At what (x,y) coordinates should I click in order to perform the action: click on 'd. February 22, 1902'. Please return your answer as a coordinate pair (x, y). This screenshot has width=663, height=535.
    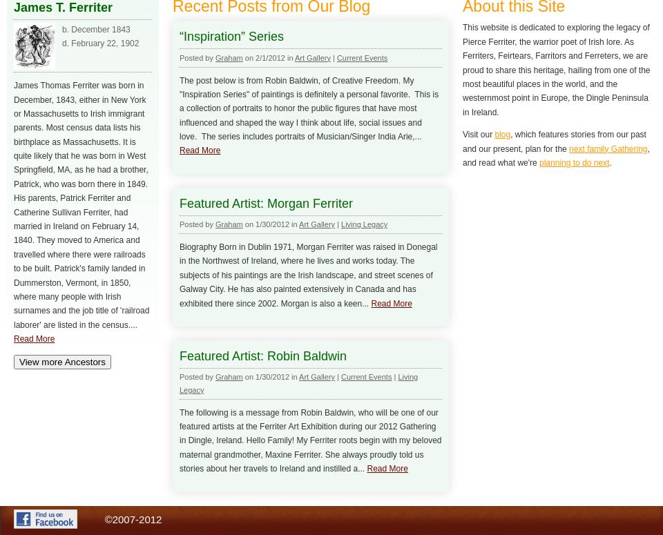
    Looking at the image, I should click on (99, 42).